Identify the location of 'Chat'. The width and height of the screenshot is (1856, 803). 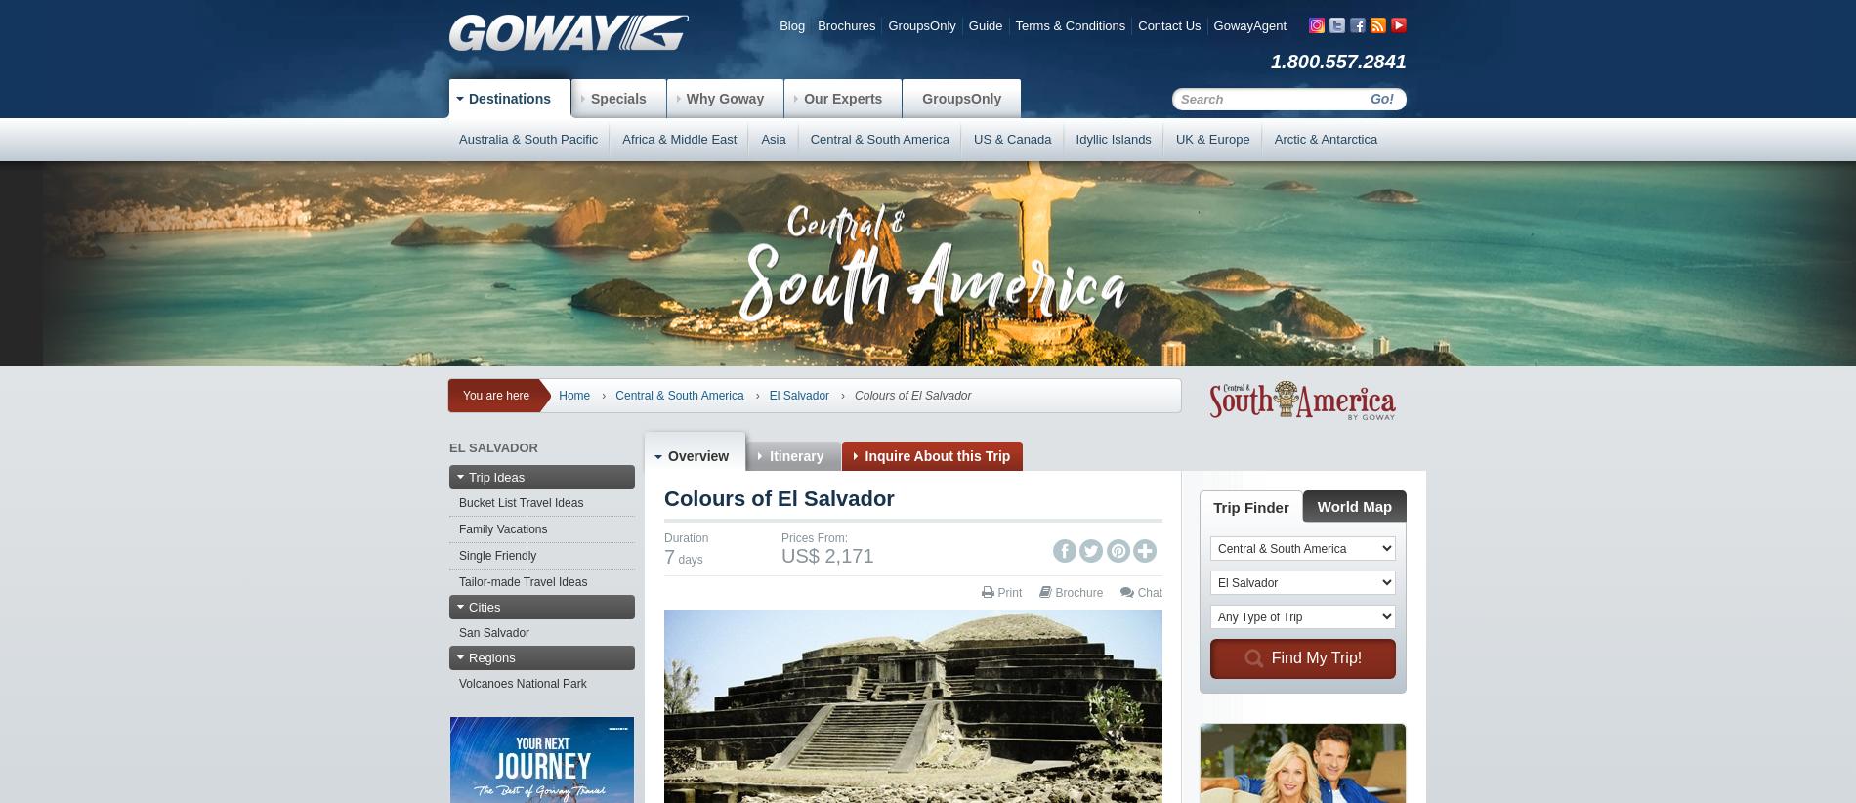
(1148, 591).